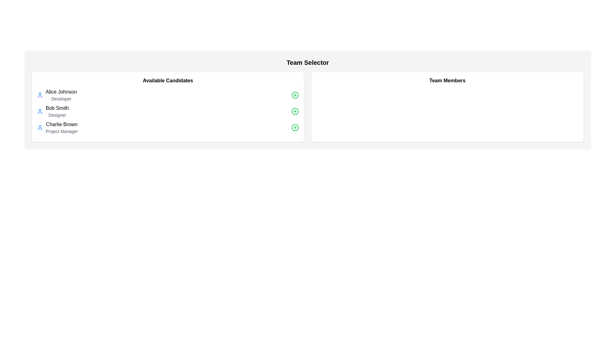  What do you see at coordinates (57, 95) in the screenshot?
I see `to select the profile for 'Alice Johnson', a candidate displayed prominently at the top of the list in the 'Available Candidates' section` at bounding box center [57, 95].